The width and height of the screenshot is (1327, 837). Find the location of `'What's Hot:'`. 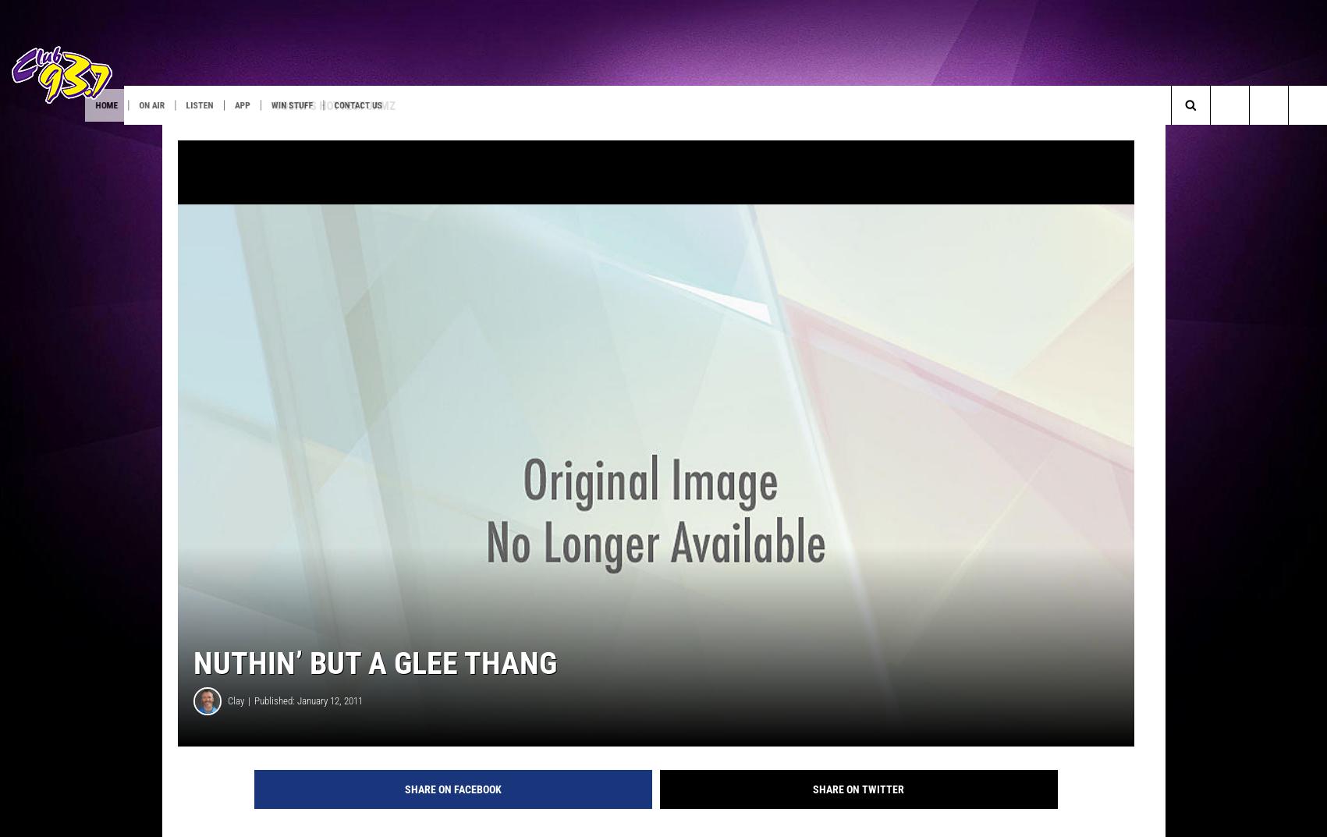

'What's Hot:' is located at coordinates (53, 136).